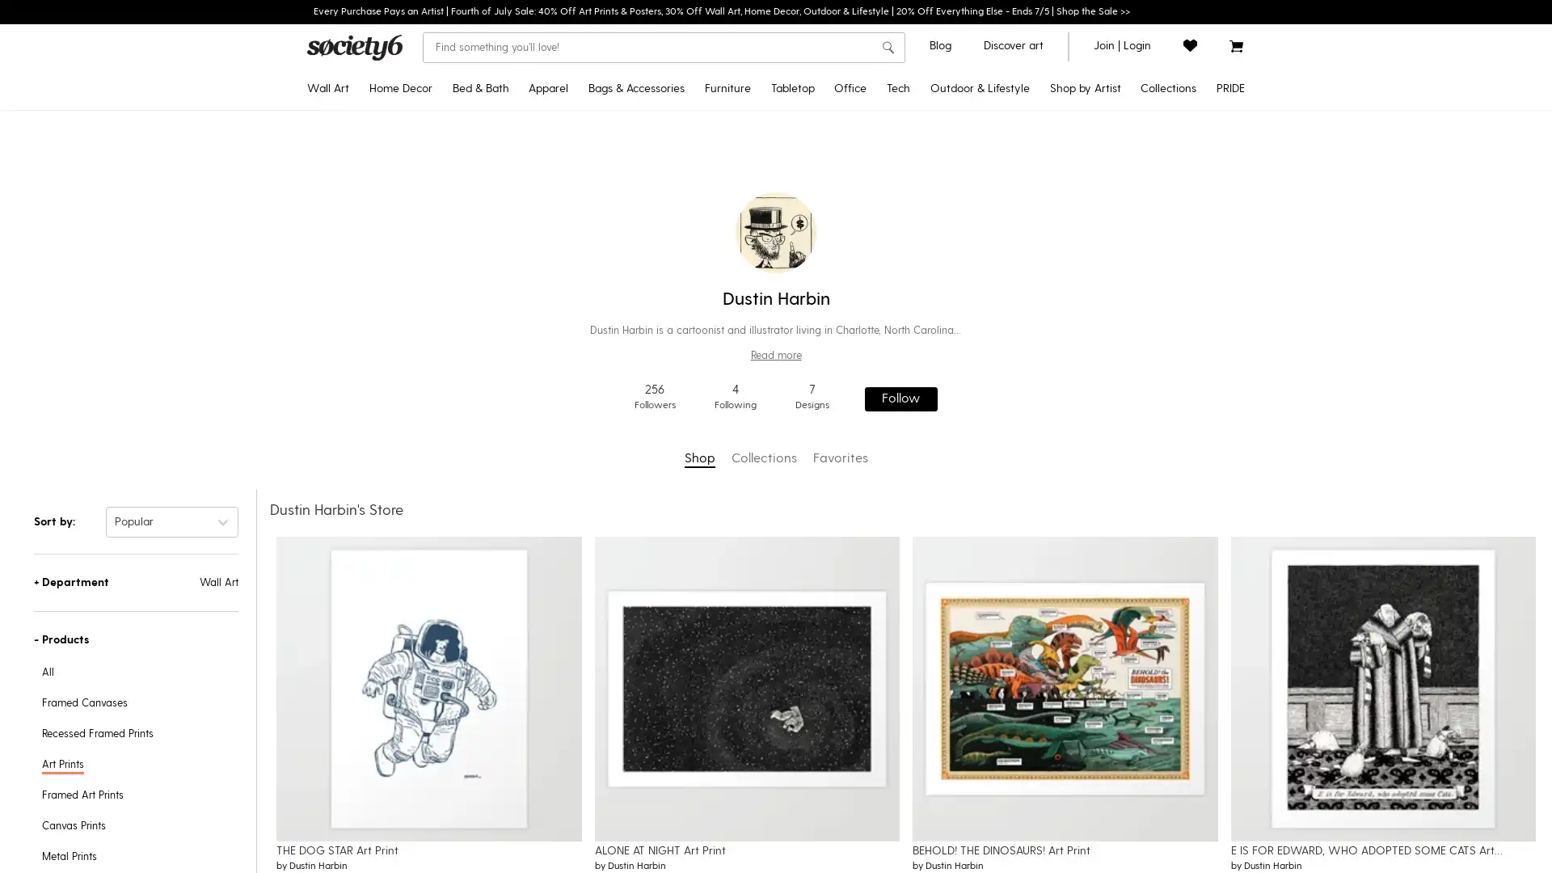  What do you see at coordinates (890, 312) in the screenshot?
I see `Wrapping Paper` at bounding box center [890, 312].